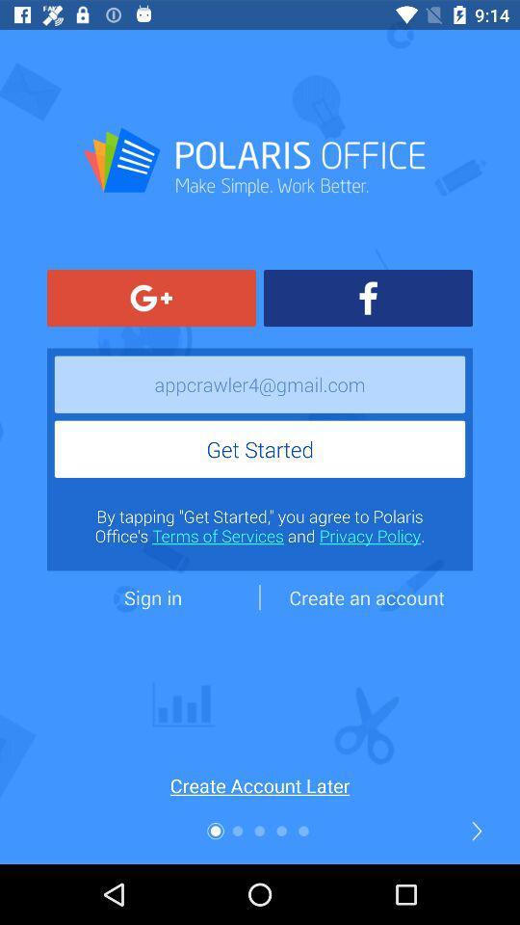 Image resolution: width=520 pixels, height=925 pixels. I want to click on the facebook icon, so click(368, 298).